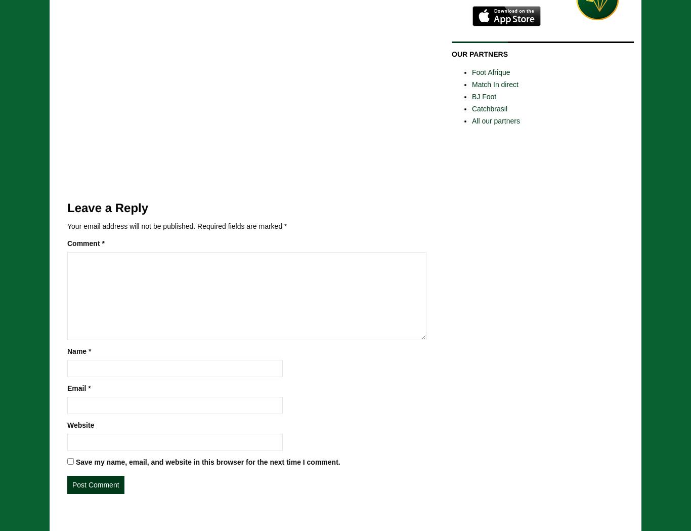 The width and height of the screenshot is (691, 531). Describe the element at coordinates (471, 95) in the screenshot. I see `'BJ Foot'` at that location.